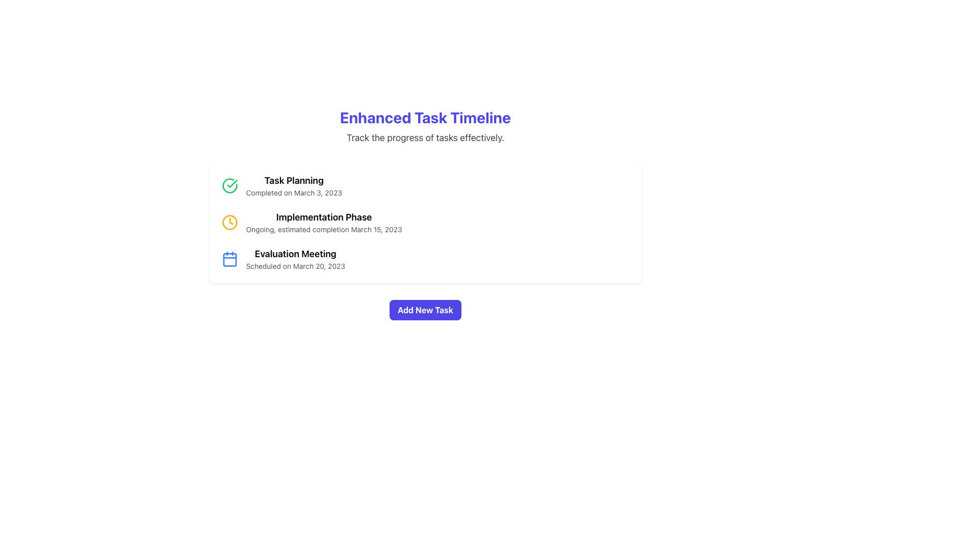  What do you see at coordinates (293, 186) in the screenshot?
I see `text from the 'Task Planning' label, which is the first item in the vertically stacked list of tasks, displaying 'Task Planning' and 'Completed on March 3, 2023'` at bounding box center [293, 186].